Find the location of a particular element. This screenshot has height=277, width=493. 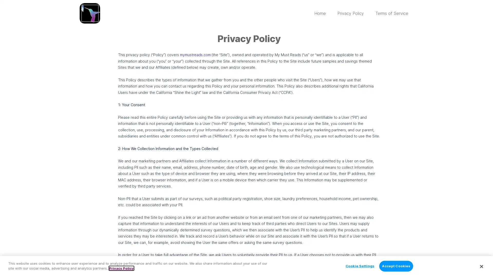

Cookie Settings is located at coordinates (358, 266).